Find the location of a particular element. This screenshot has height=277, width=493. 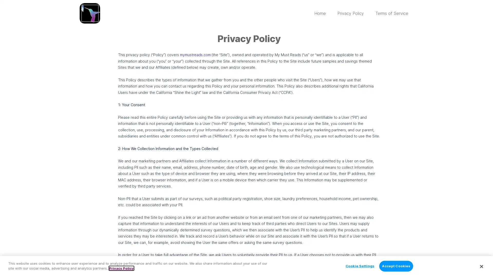

Cookie Settings is located at coordinates (358, 266).